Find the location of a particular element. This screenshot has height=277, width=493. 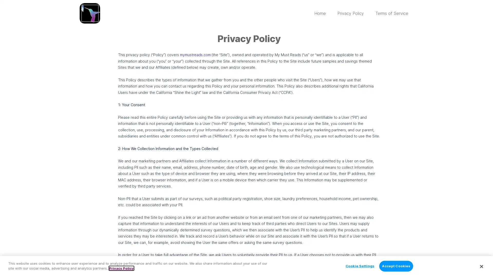

Cookie Settings is located at coordinates (358, 266).